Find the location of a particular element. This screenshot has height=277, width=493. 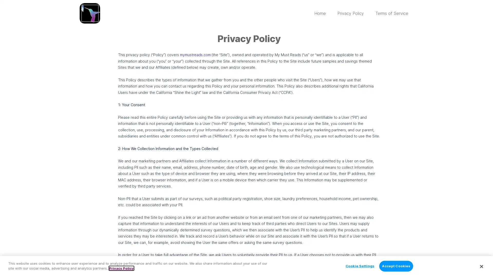

Cookie Settings is located at coordinates (358, 266).